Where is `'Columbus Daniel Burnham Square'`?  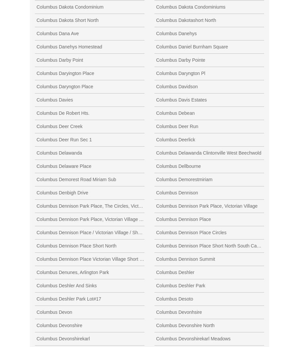
'Columbus Daniel Burnham Square' is located at coordinates (192, 46).